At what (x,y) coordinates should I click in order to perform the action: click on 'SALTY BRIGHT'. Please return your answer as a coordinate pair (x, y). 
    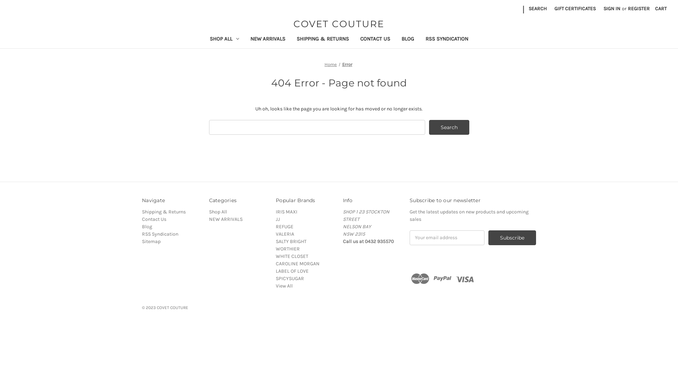
    Looking at the image, I should click on (291, 241).